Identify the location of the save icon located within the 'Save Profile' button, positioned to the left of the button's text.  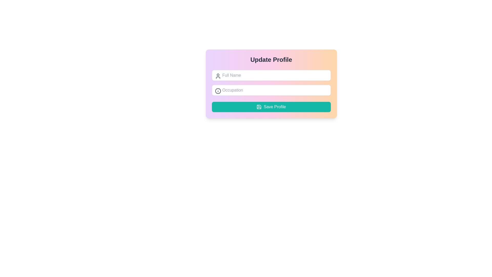
(259, 106).